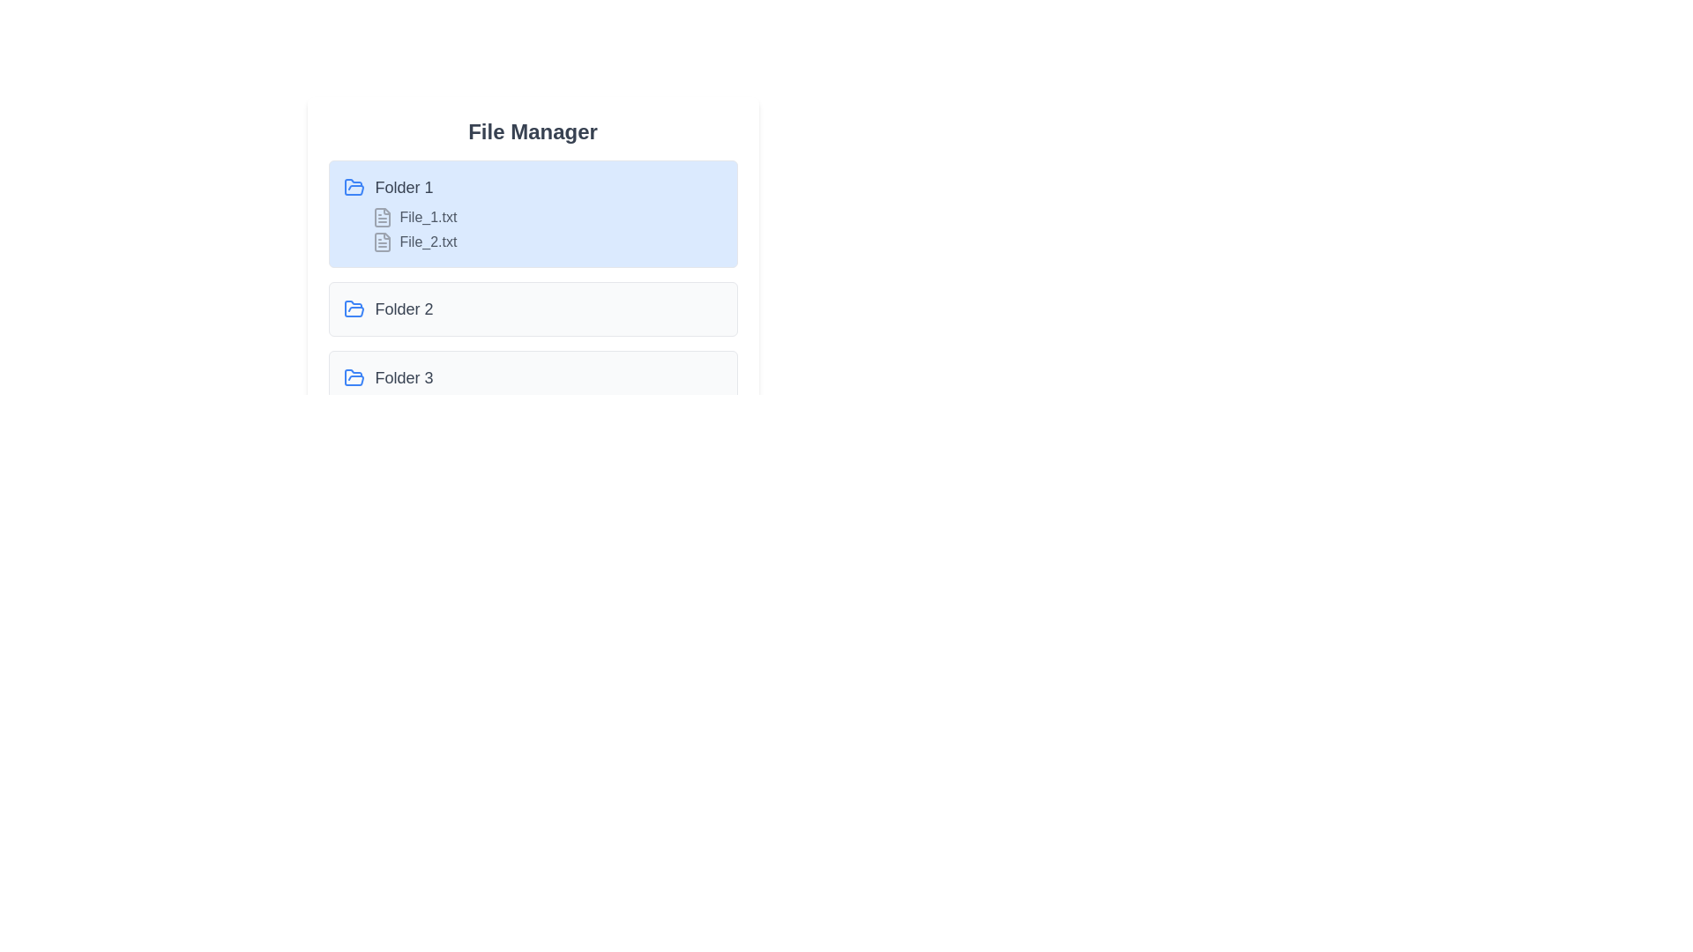  Describe the element at coordinates (353, 309) in the screenshot. I see `the folder icon located at the leftmost position of the row labeled 'Folder 2'` at that location.